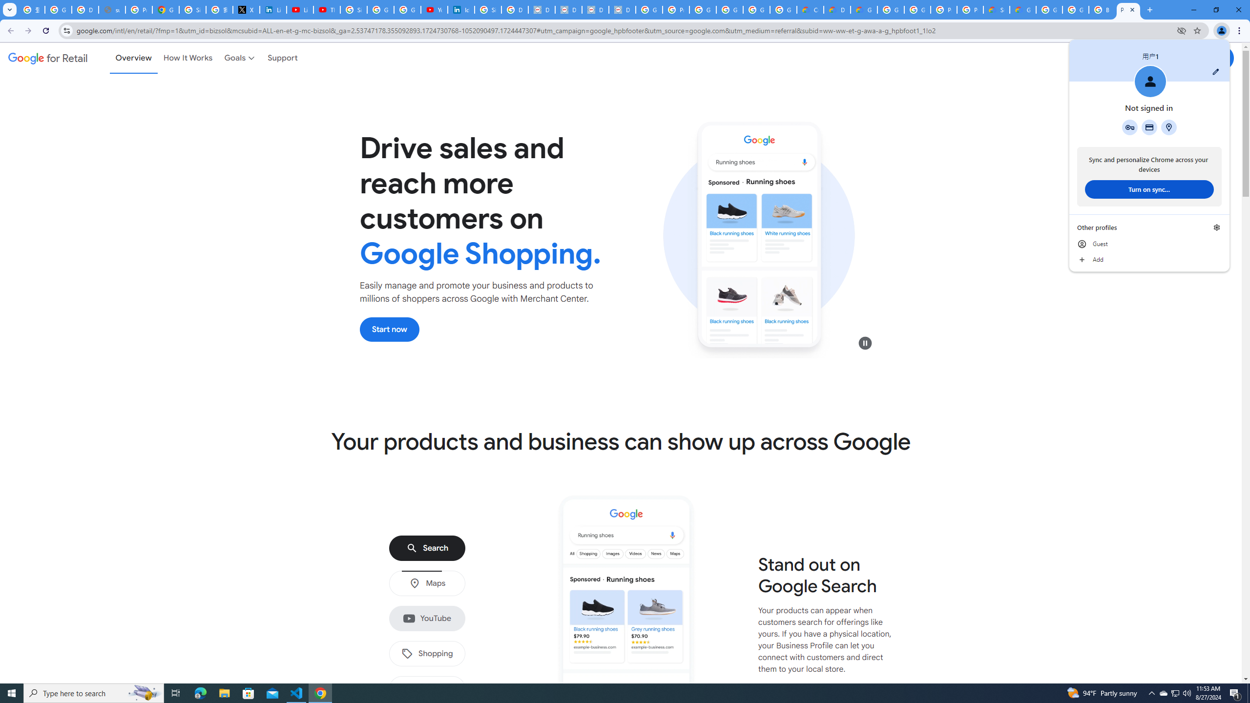 This screenshot has width=1250, height=703. I want to click on 'Payment methods', so click(1148, 127).